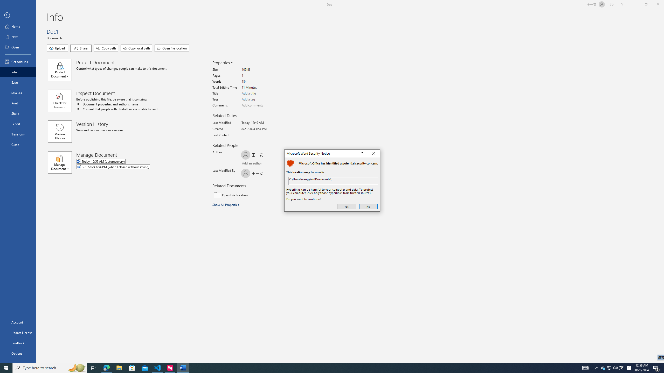  What do you see at coordinates (18, 332) in the screenshot?
I see `'Update License'` at bounding box center [18, 332].